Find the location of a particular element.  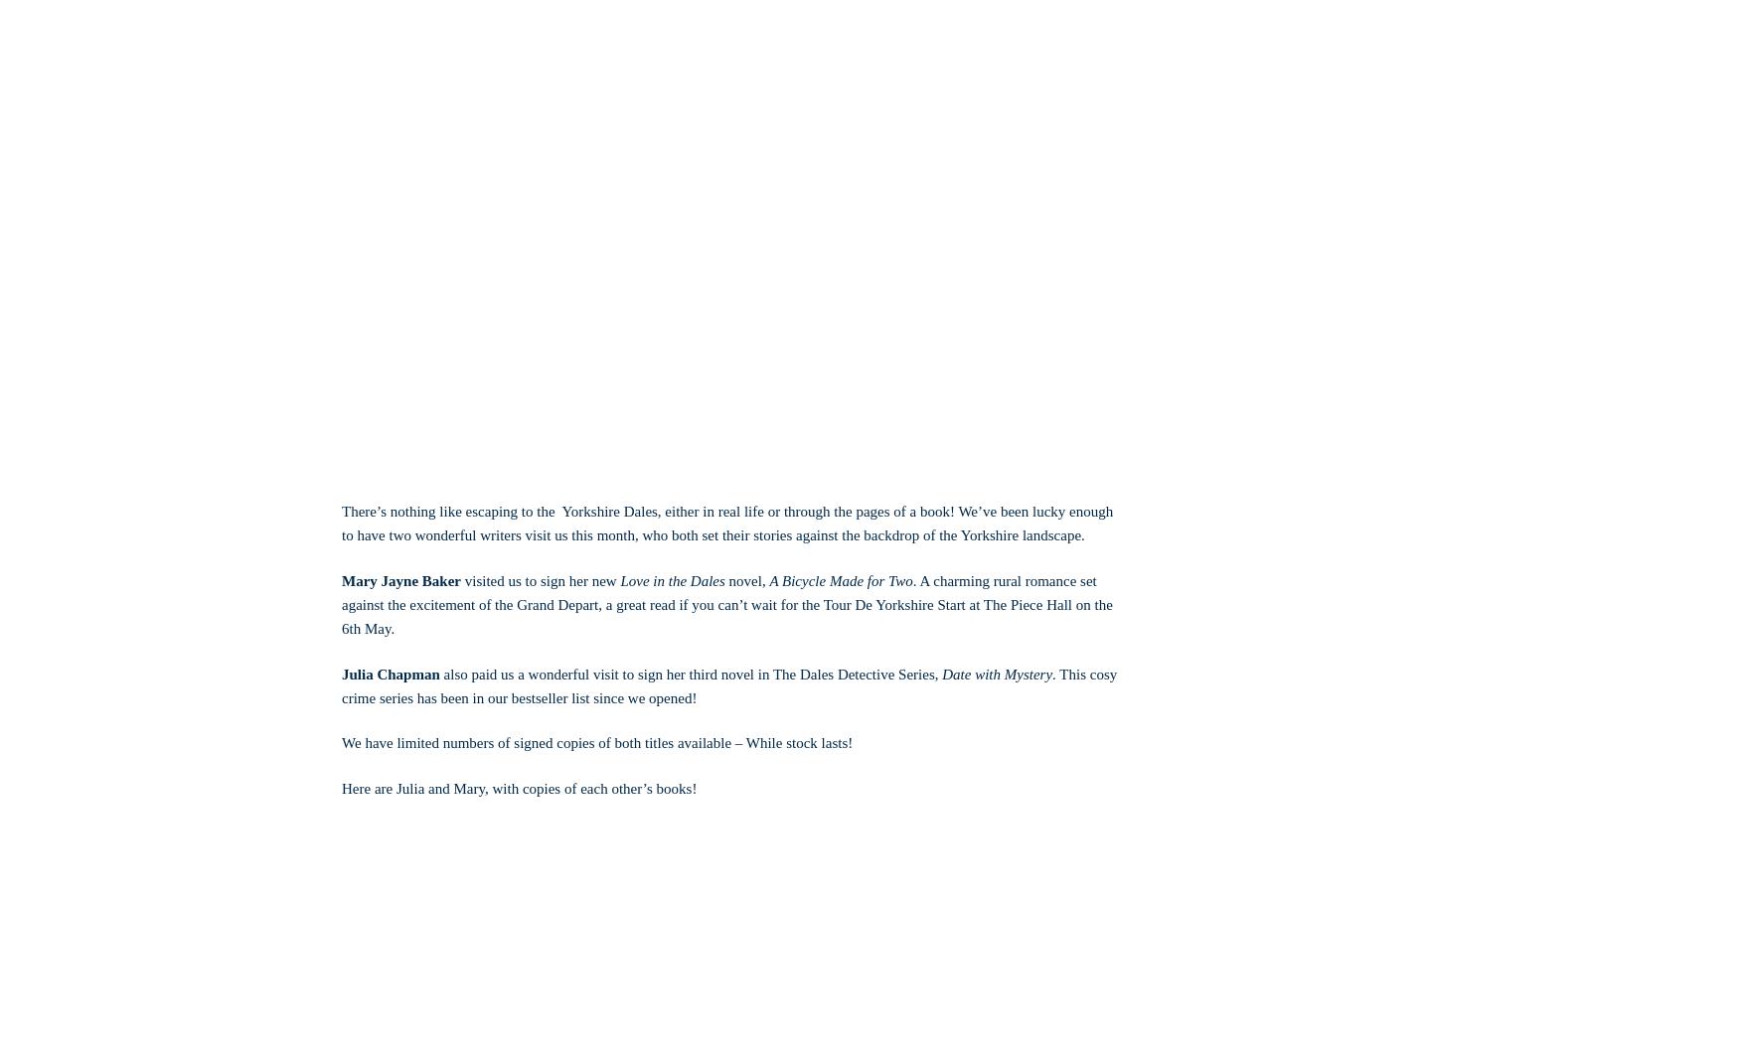

'Love in the Dales' is located at coordinates (620, 578).